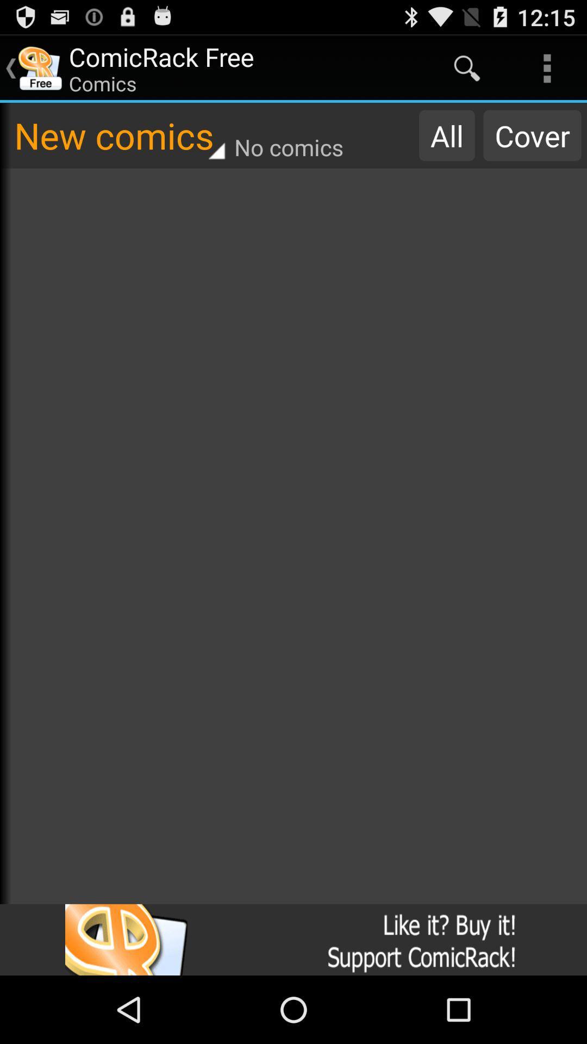 The width and height of the screenshot is (587, 1044). I want to click on item next to the all item, so click(532, 135).